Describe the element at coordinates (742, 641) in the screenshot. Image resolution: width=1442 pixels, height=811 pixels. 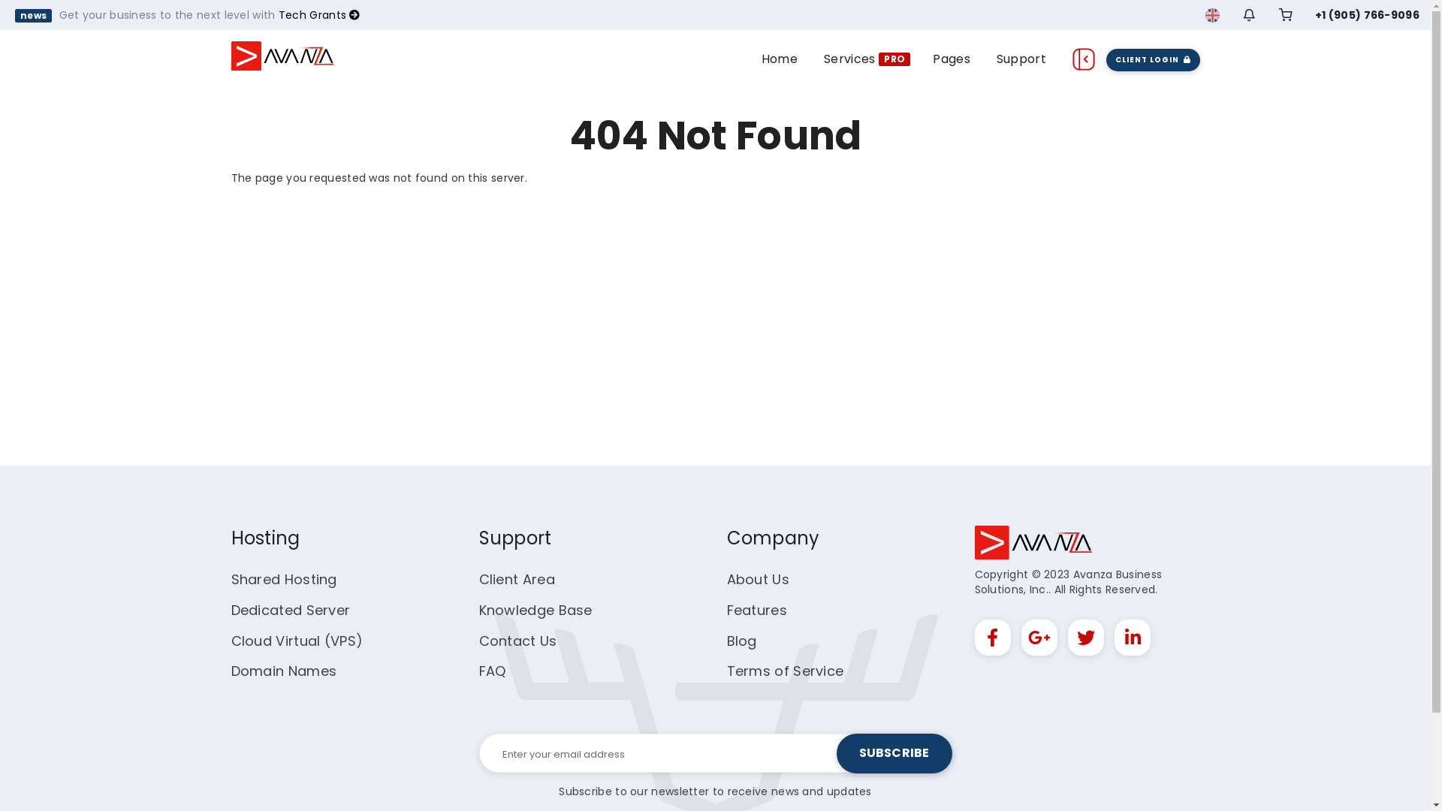
I see `'Blog'` at that location.